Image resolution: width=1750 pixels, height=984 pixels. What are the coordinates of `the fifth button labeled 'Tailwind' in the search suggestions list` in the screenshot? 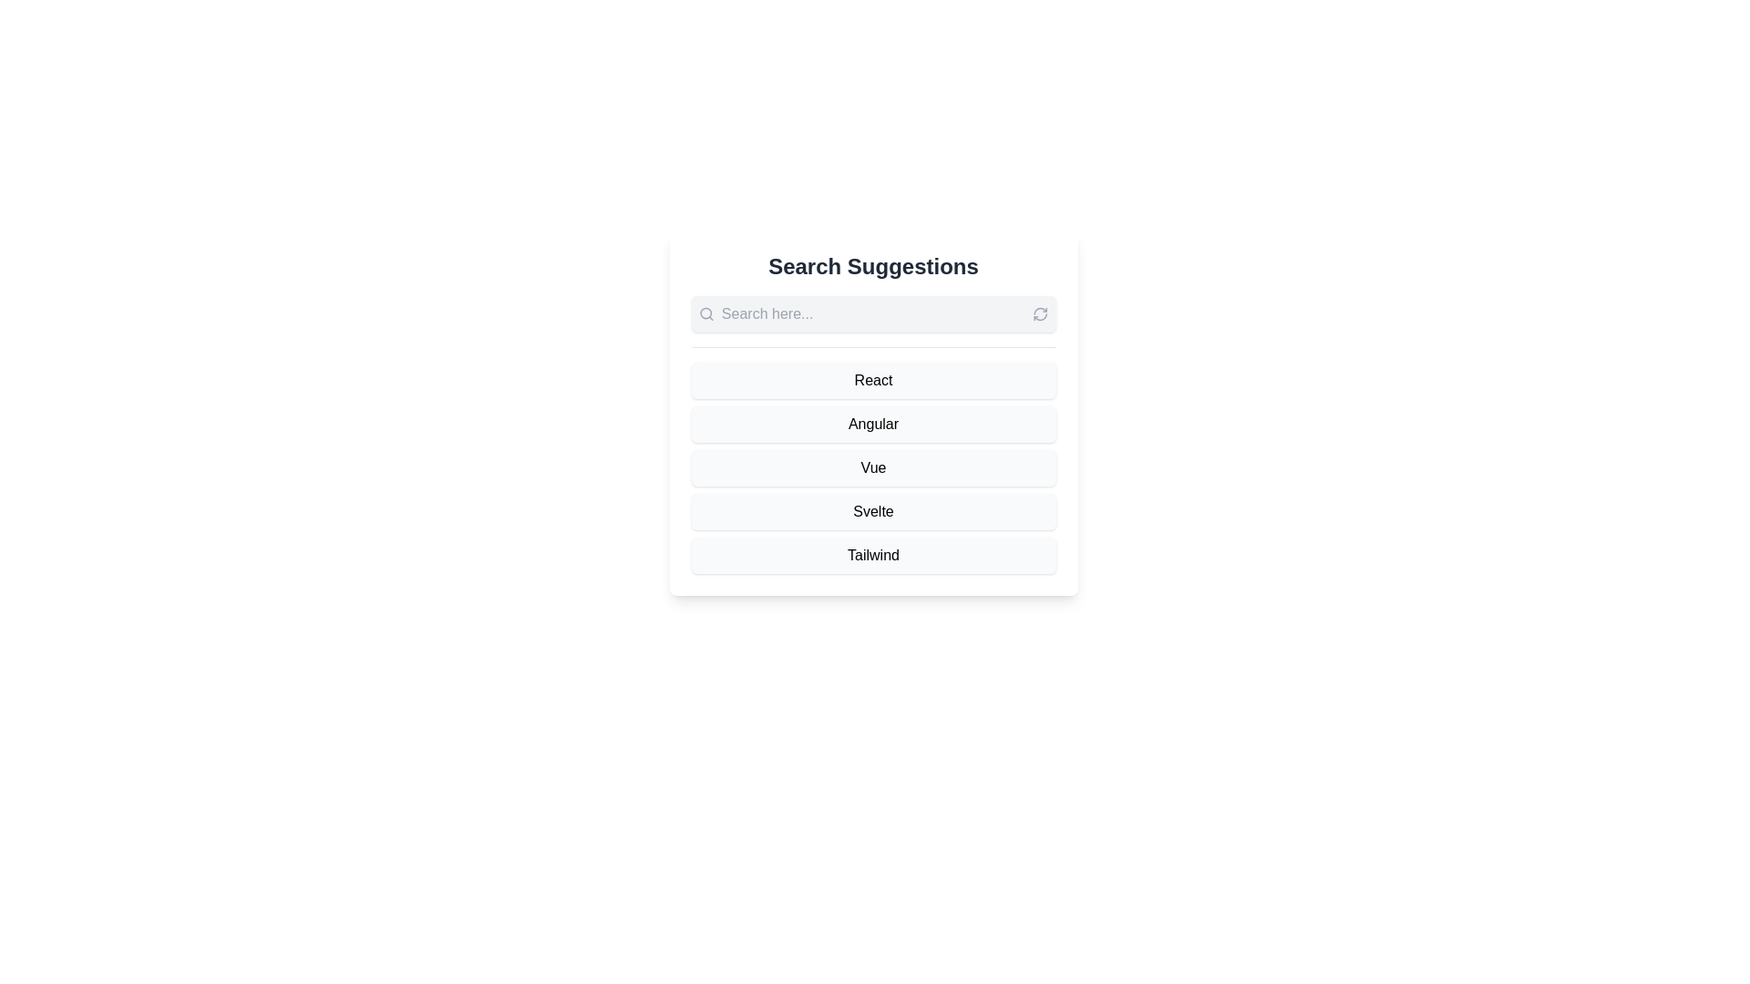 It's located at (872, 554).